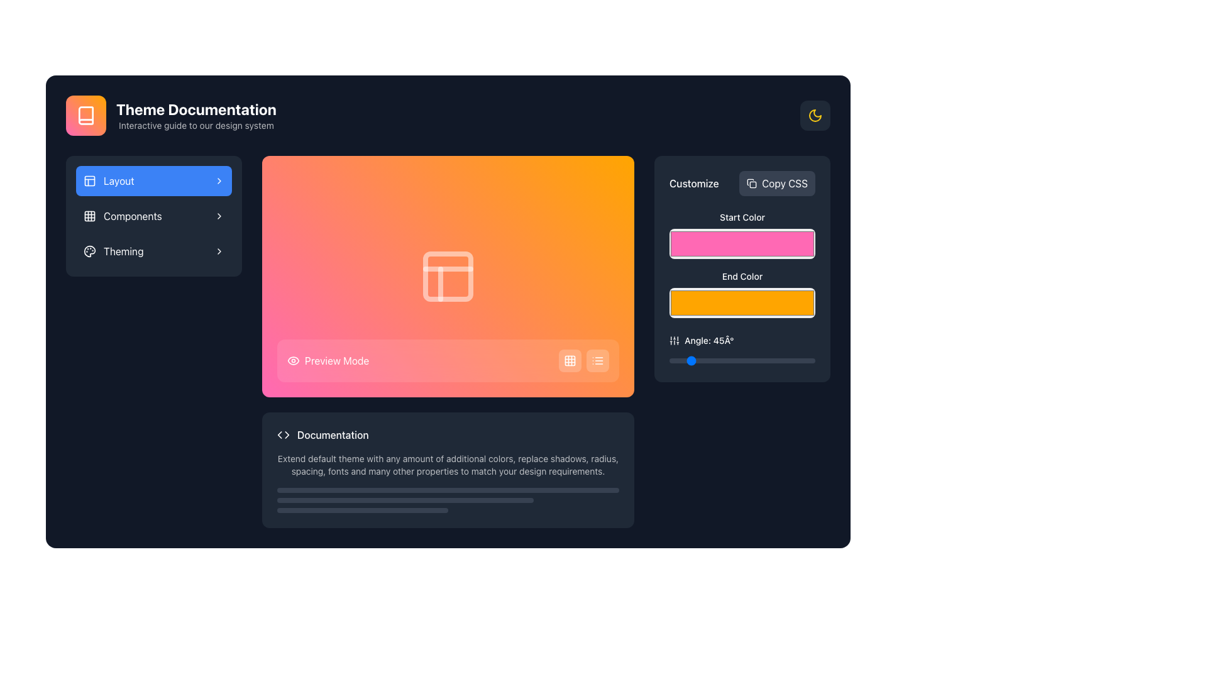  I want to click on the movable circular thumb control of the horizontal slider located under the 'Angle: 45°' label, so click(742, 361).